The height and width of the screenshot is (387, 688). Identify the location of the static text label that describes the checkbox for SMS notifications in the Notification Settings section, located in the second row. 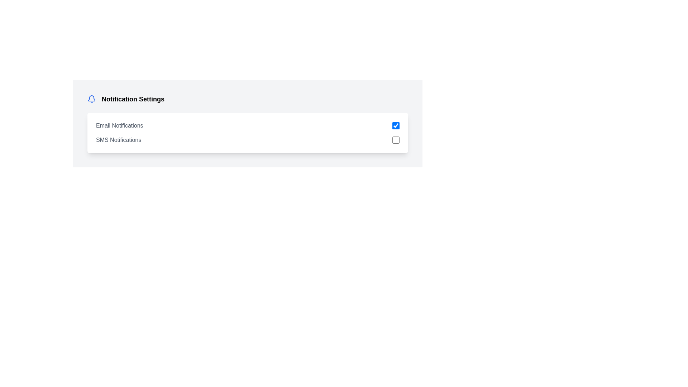
(119, 140).